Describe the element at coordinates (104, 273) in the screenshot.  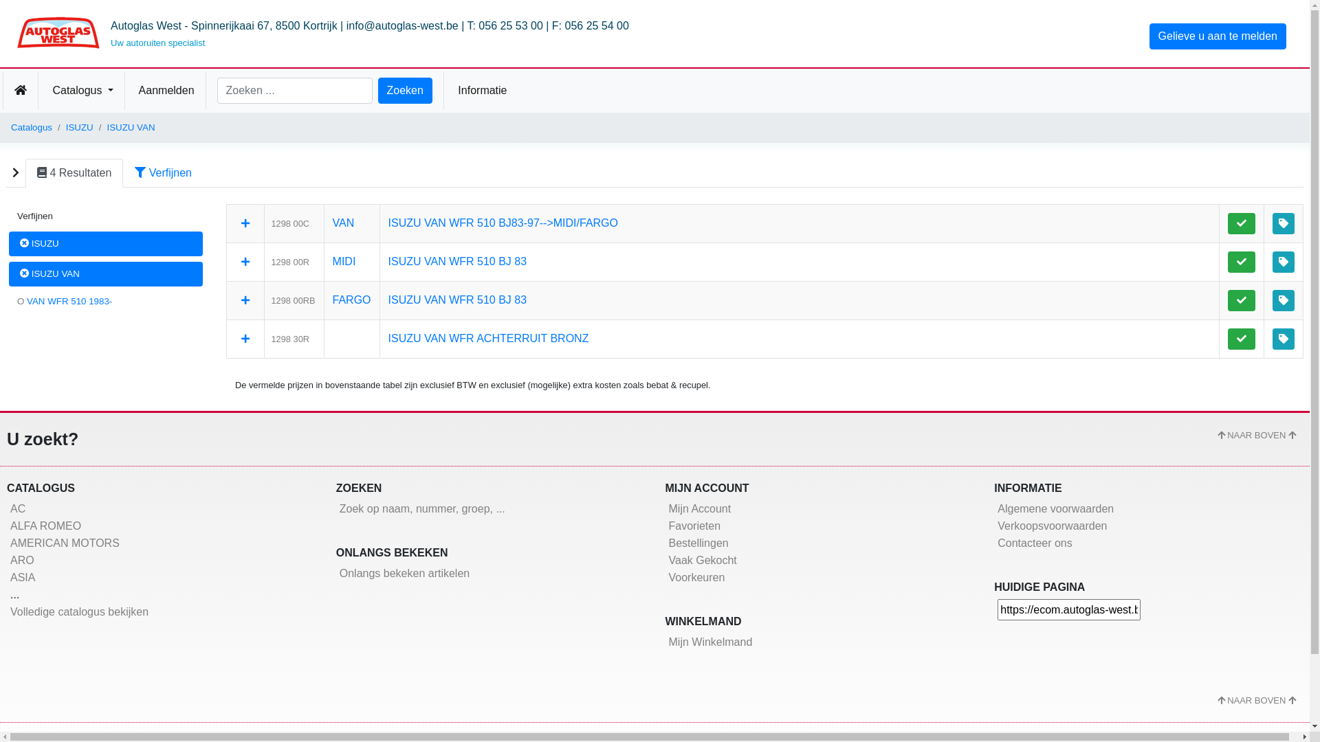
I see `'ISUZU VAN'` at that location.